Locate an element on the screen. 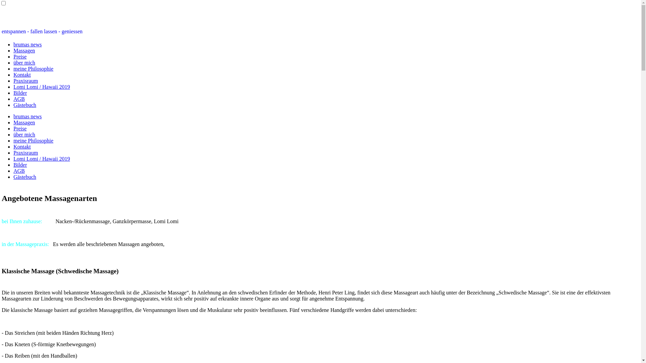 This screenshot has width=646, height=363. 'AGB' is located at coordinates (13, 170).